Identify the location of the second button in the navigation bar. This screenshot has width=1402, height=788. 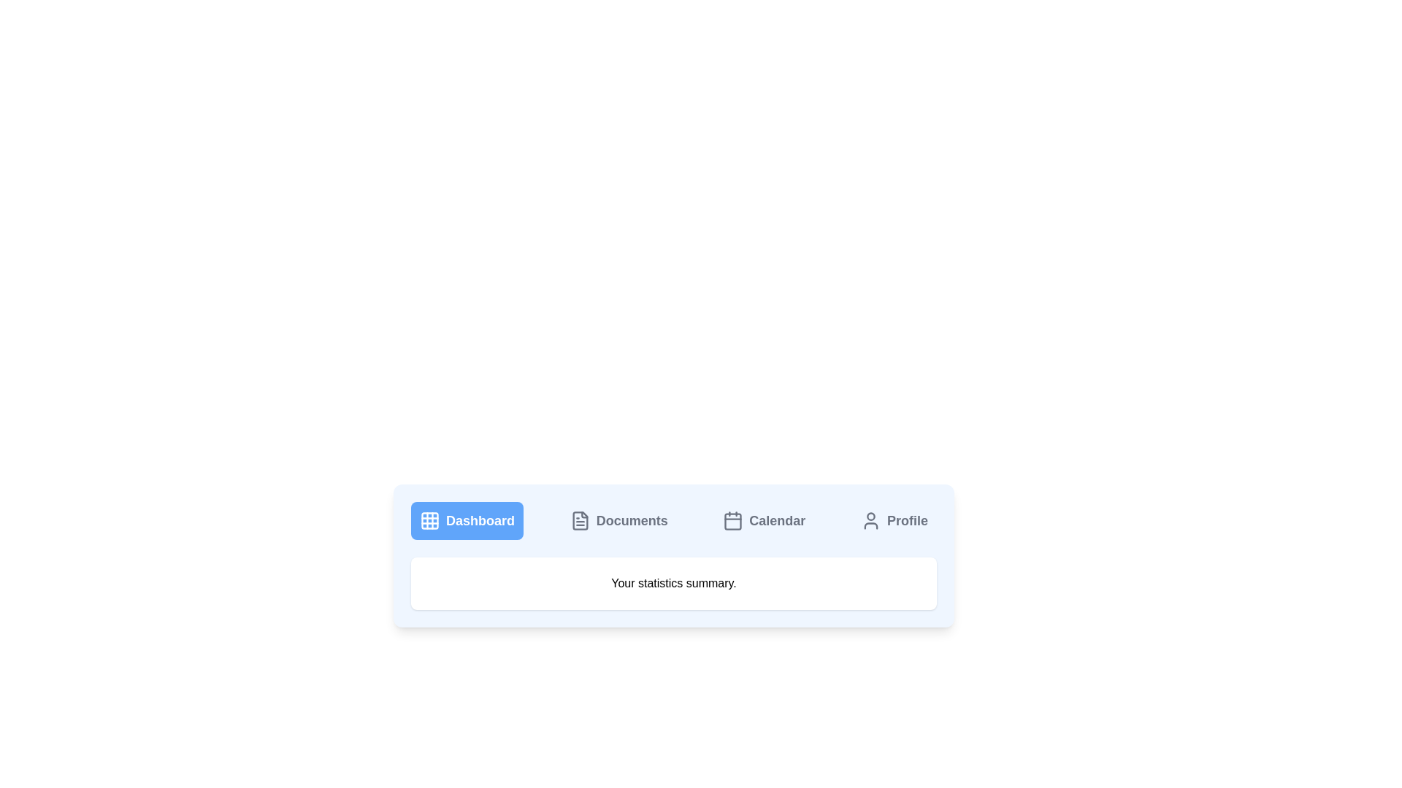
(618, 519).